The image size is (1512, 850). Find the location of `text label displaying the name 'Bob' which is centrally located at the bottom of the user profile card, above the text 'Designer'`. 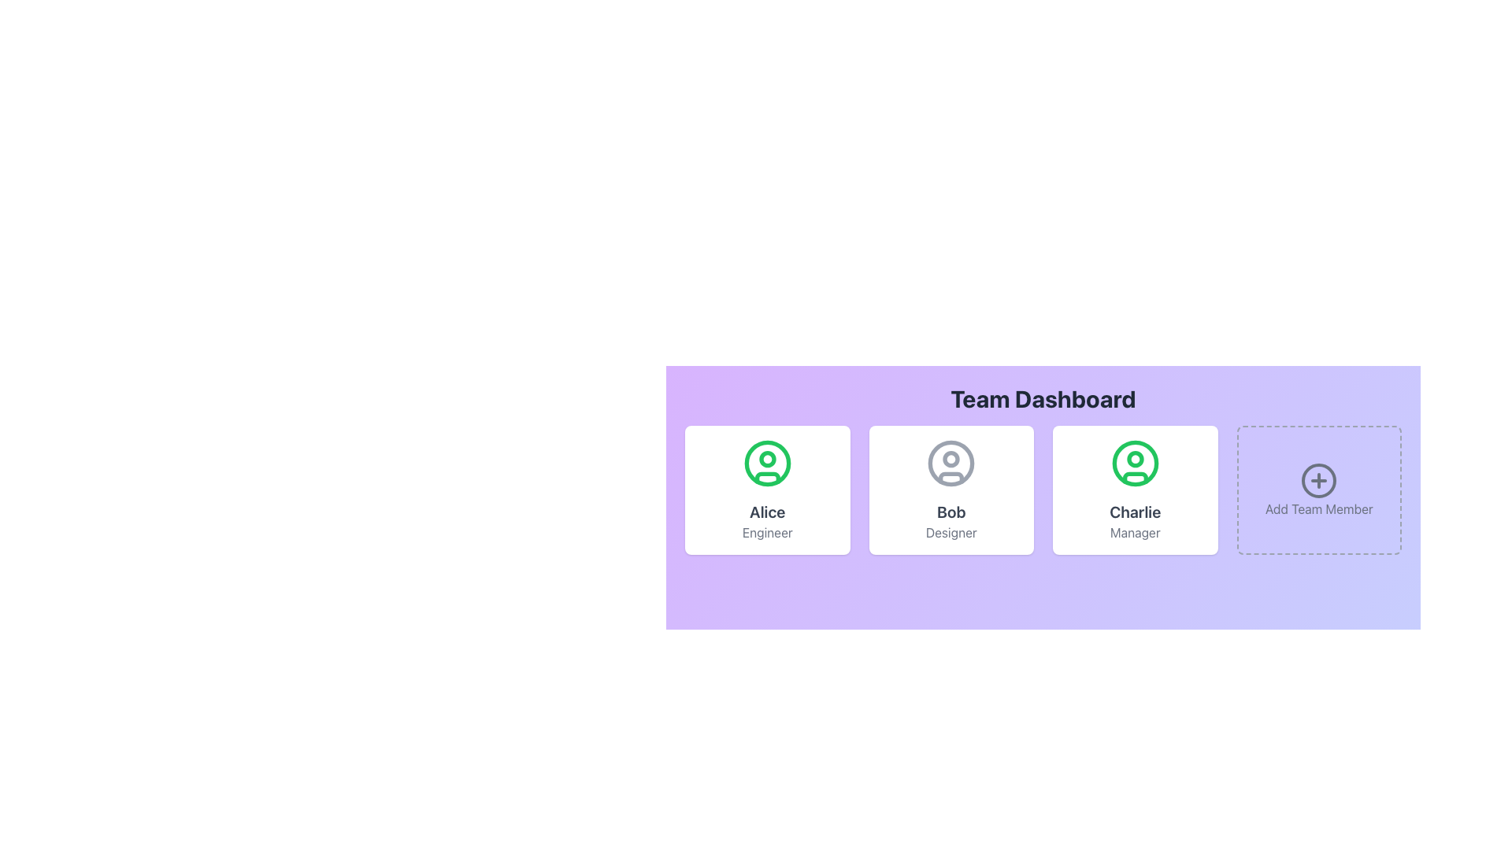

text label displaying the name 'Bob' which is centrally located at the bottom of the user profile card, above the text 'Designer' is located at coordinates (951, 512).